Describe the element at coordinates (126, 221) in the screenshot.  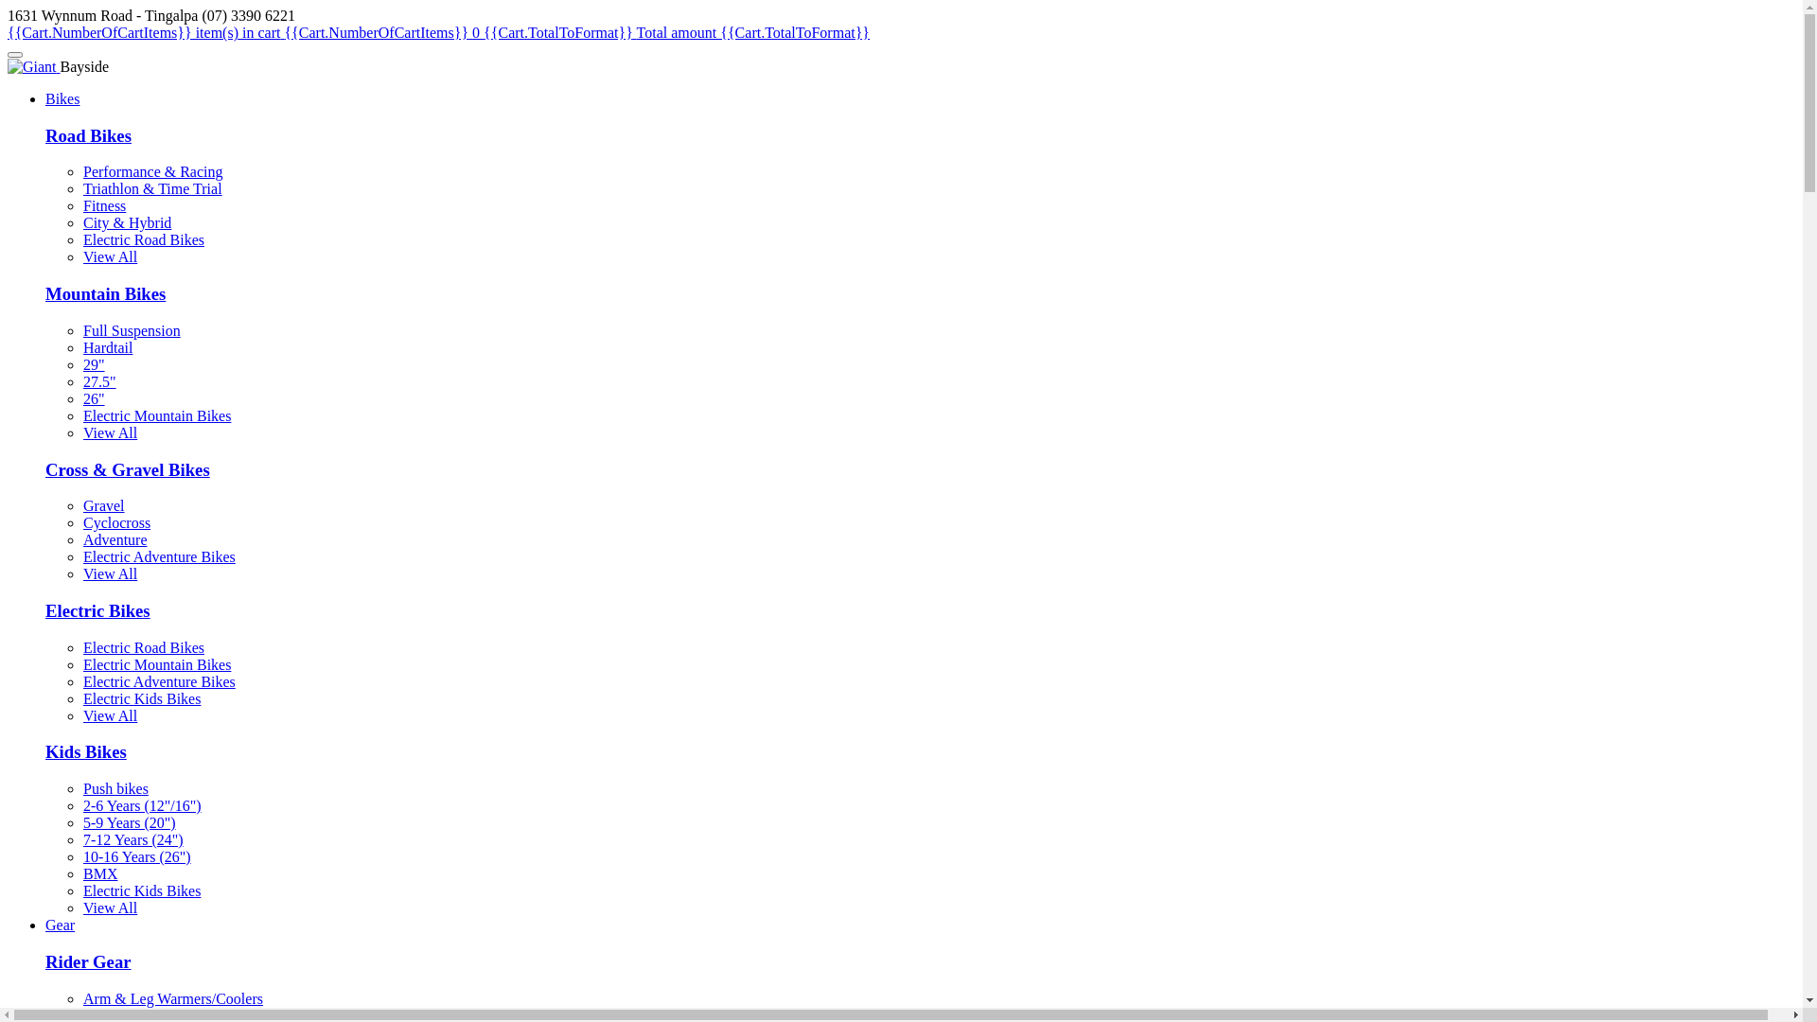
I see `'City & Hybrid'` at that location.